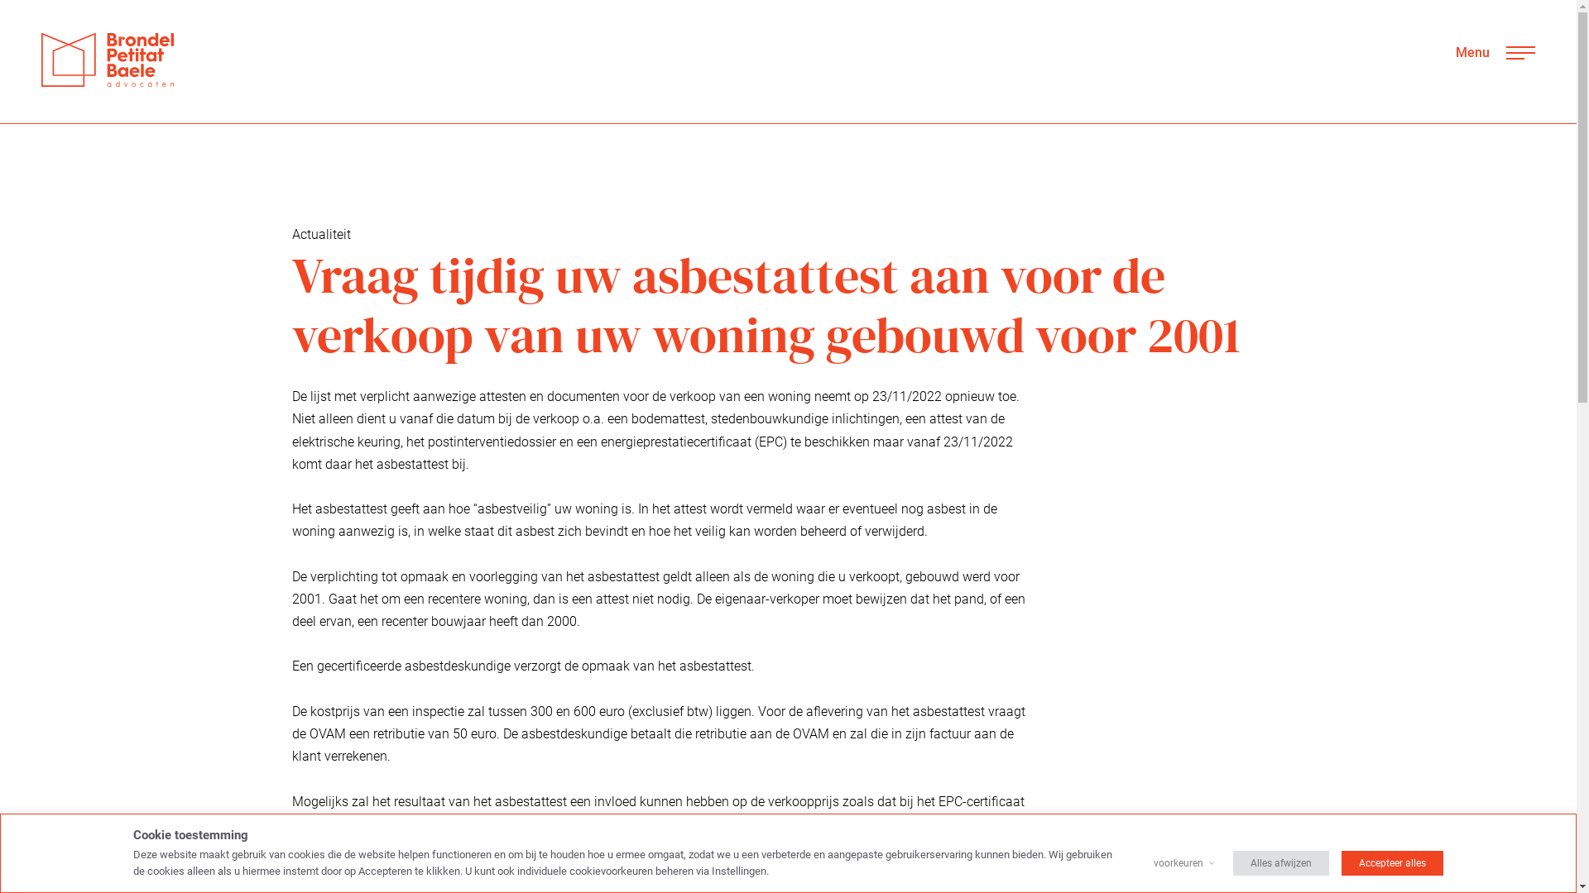  I want to click on 'Menu', so click(1495, 51).